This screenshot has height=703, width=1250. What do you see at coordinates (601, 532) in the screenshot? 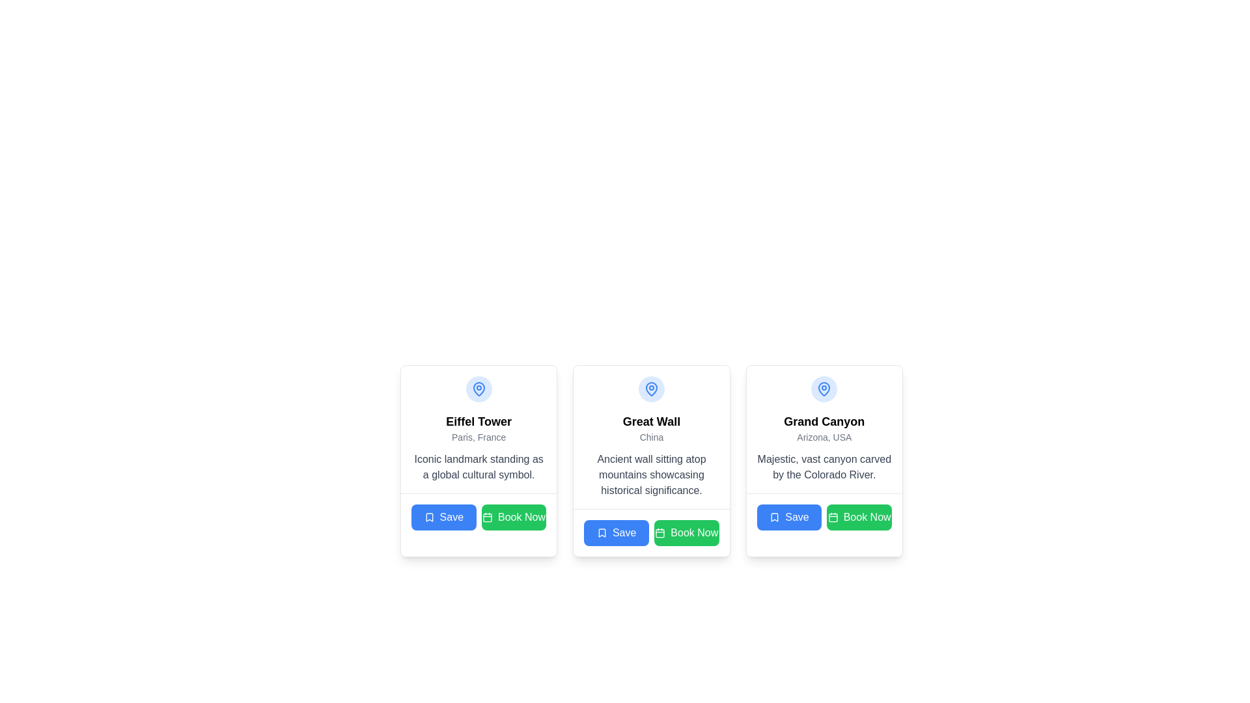
I see `the bookmark icon with a blue background and white graphic, located within the 'Save' button on the 'Great Wall' card` at bounding box center [601, 532].